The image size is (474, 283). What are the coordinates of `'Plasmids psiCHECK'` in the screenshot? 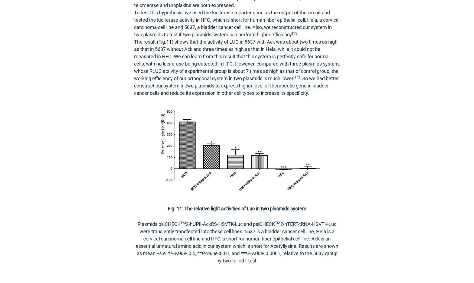 It's located at (159, 224).